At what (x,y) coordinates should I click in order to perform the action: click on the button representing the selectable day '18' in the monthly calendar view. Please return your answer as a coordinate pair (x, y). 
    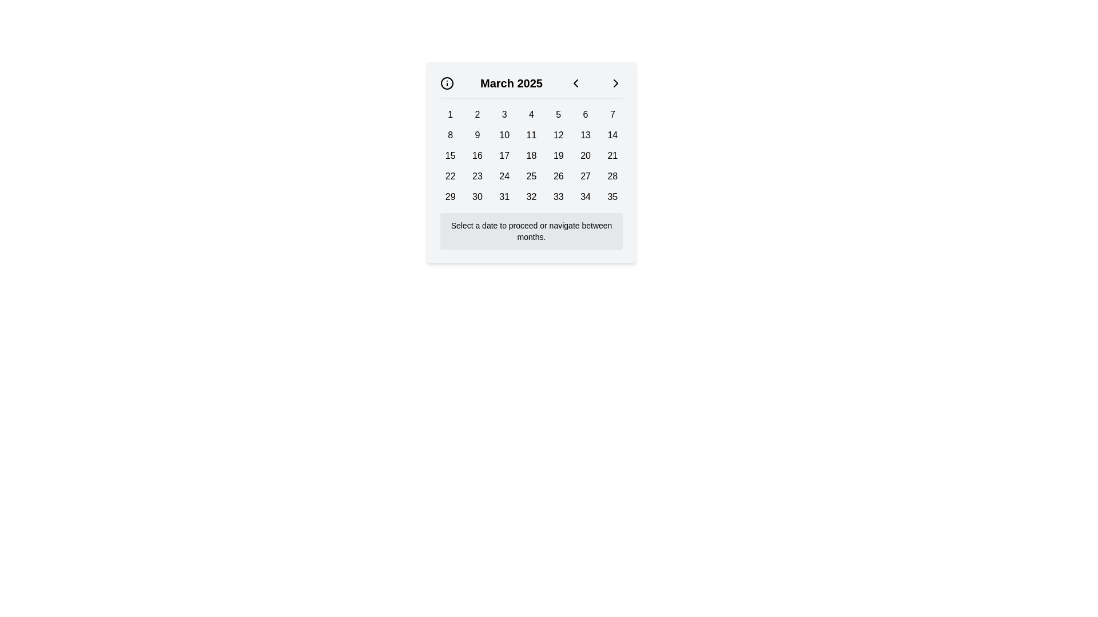
    Looking at the image, I should click on (531, 156).